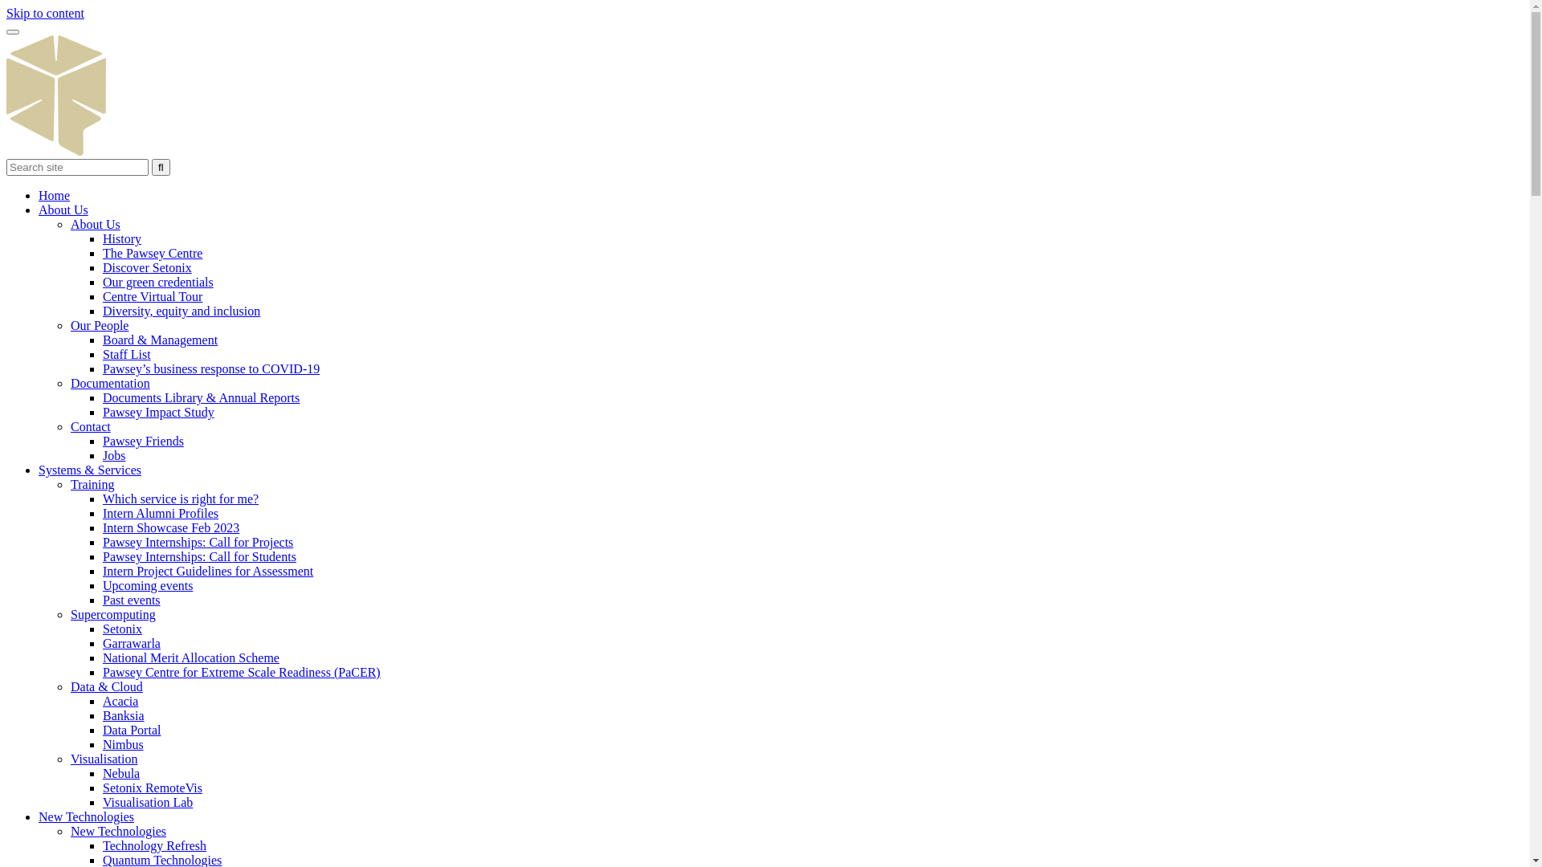 This screenshot has width=1542, height=867. I want to click on 'Pawsey Internships: Call for Projects', so click(197, 542).